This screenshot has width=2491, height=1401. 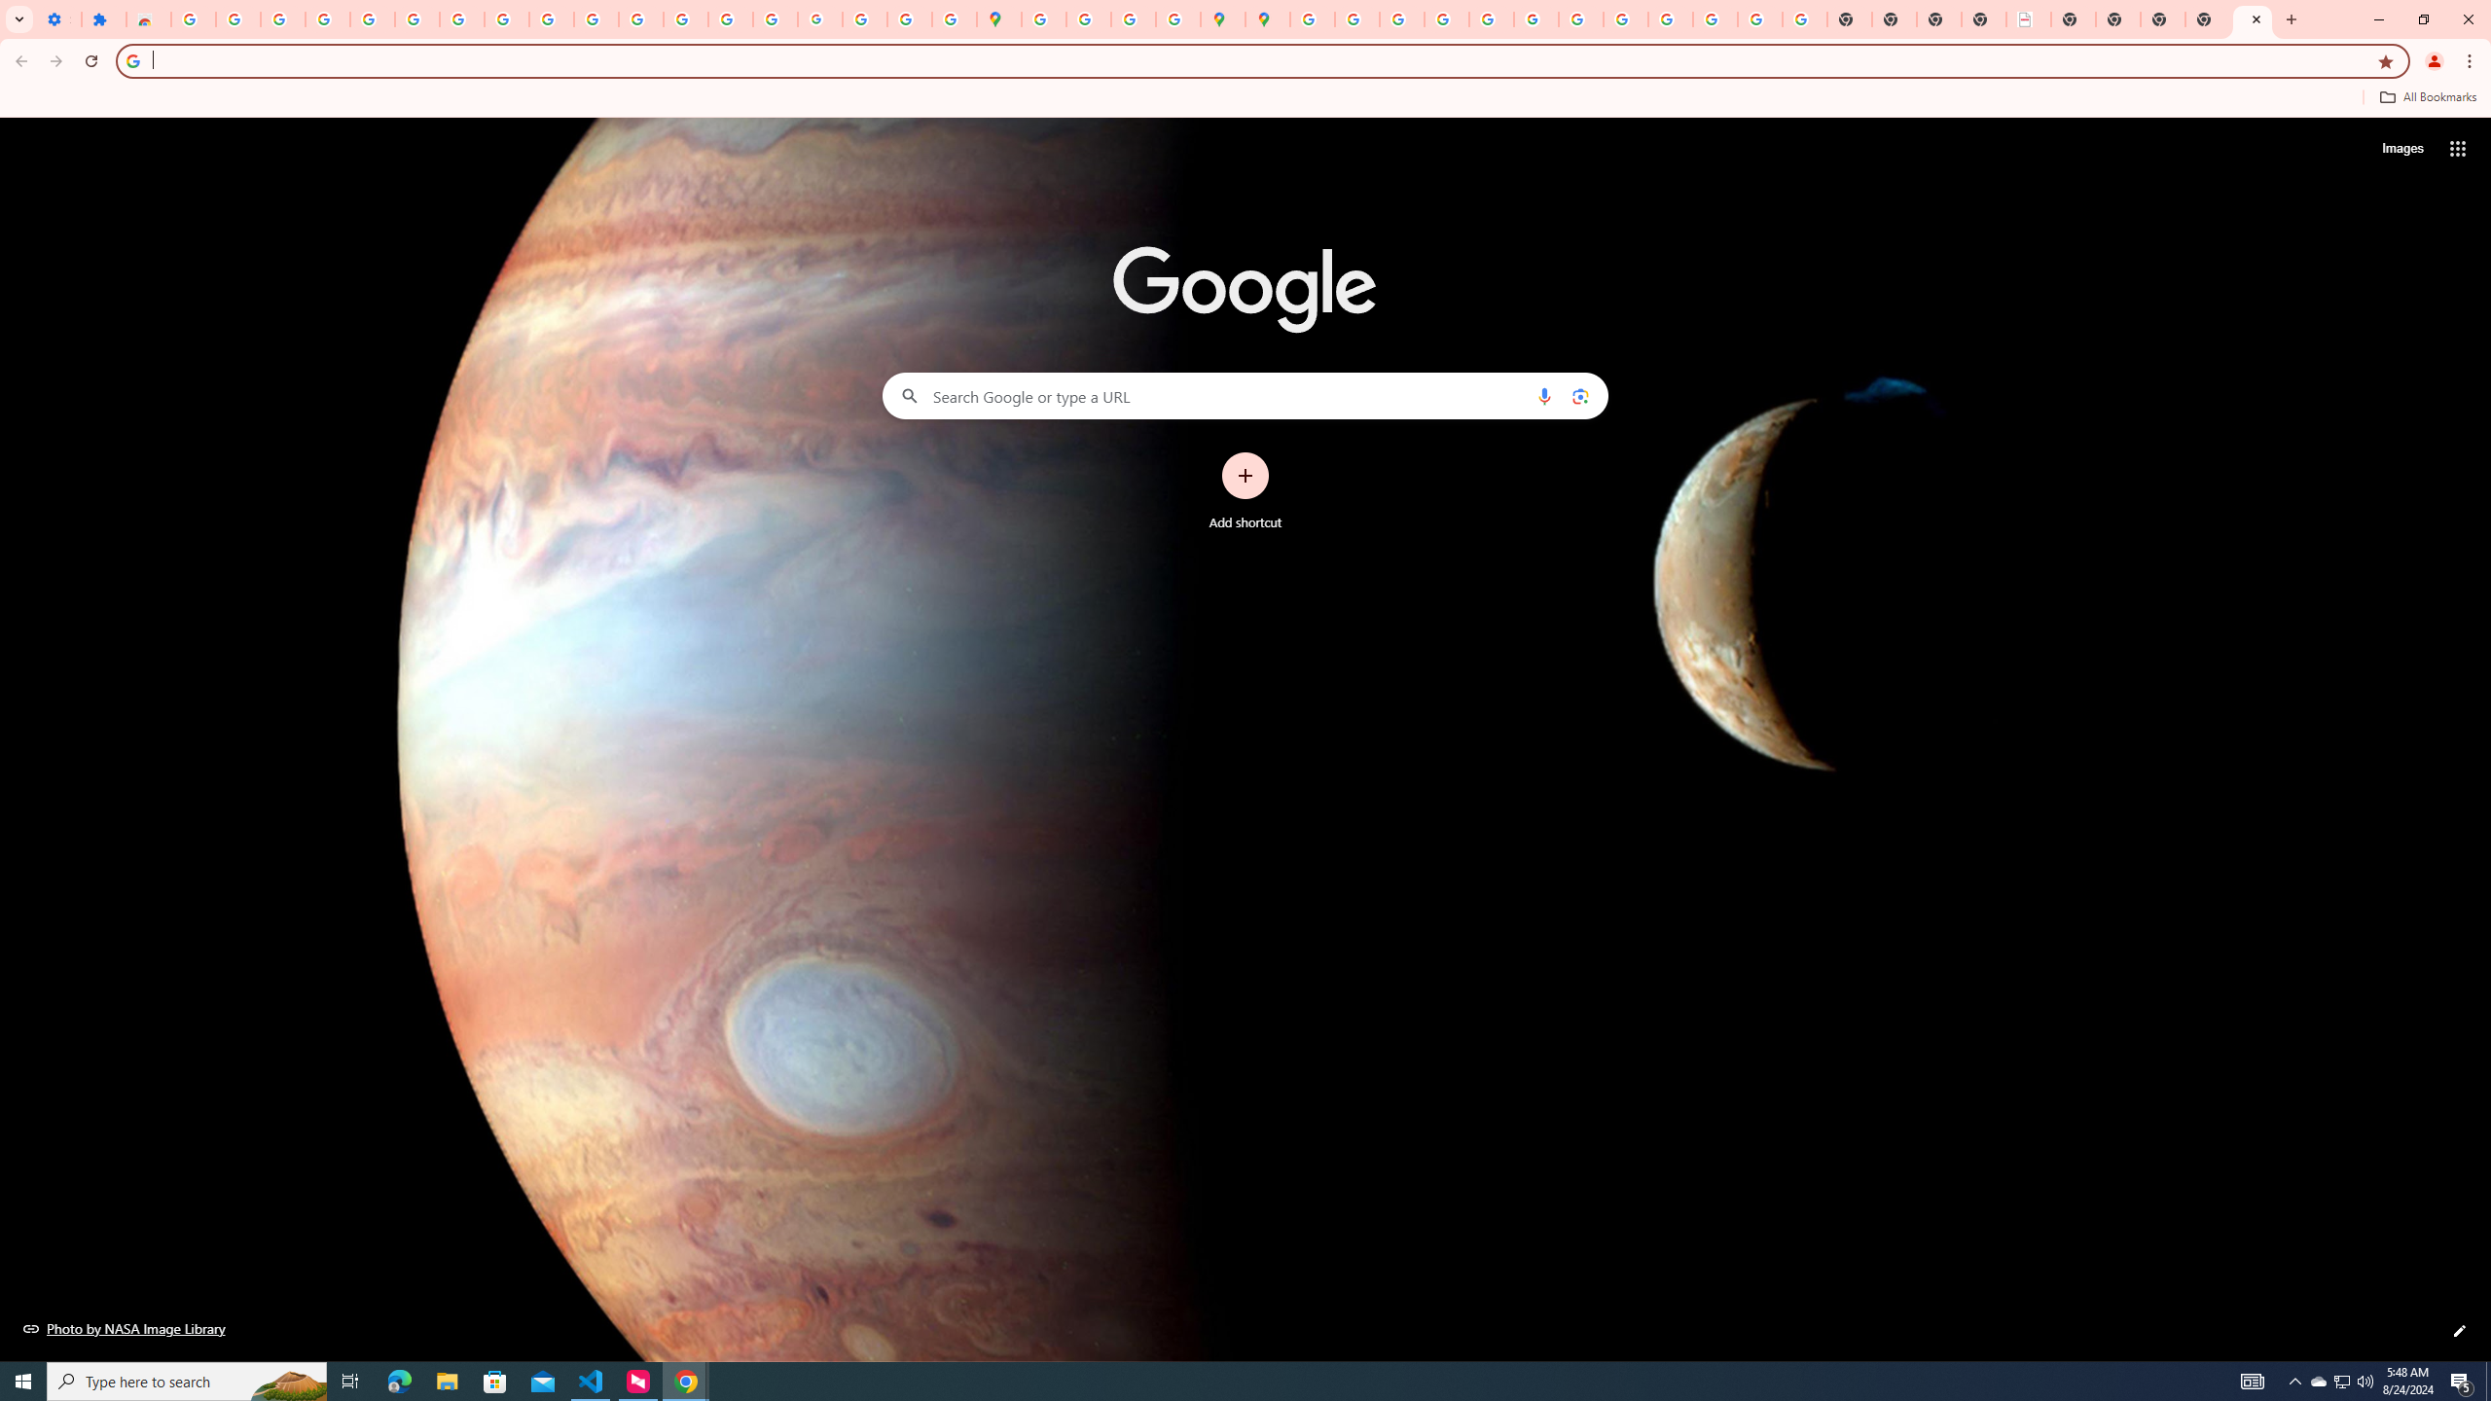 What do you see at coordinates (124, 1327) in the screenshot?
I see `'Photo by NASA Image Library'` at bounding box center [124, 1327].